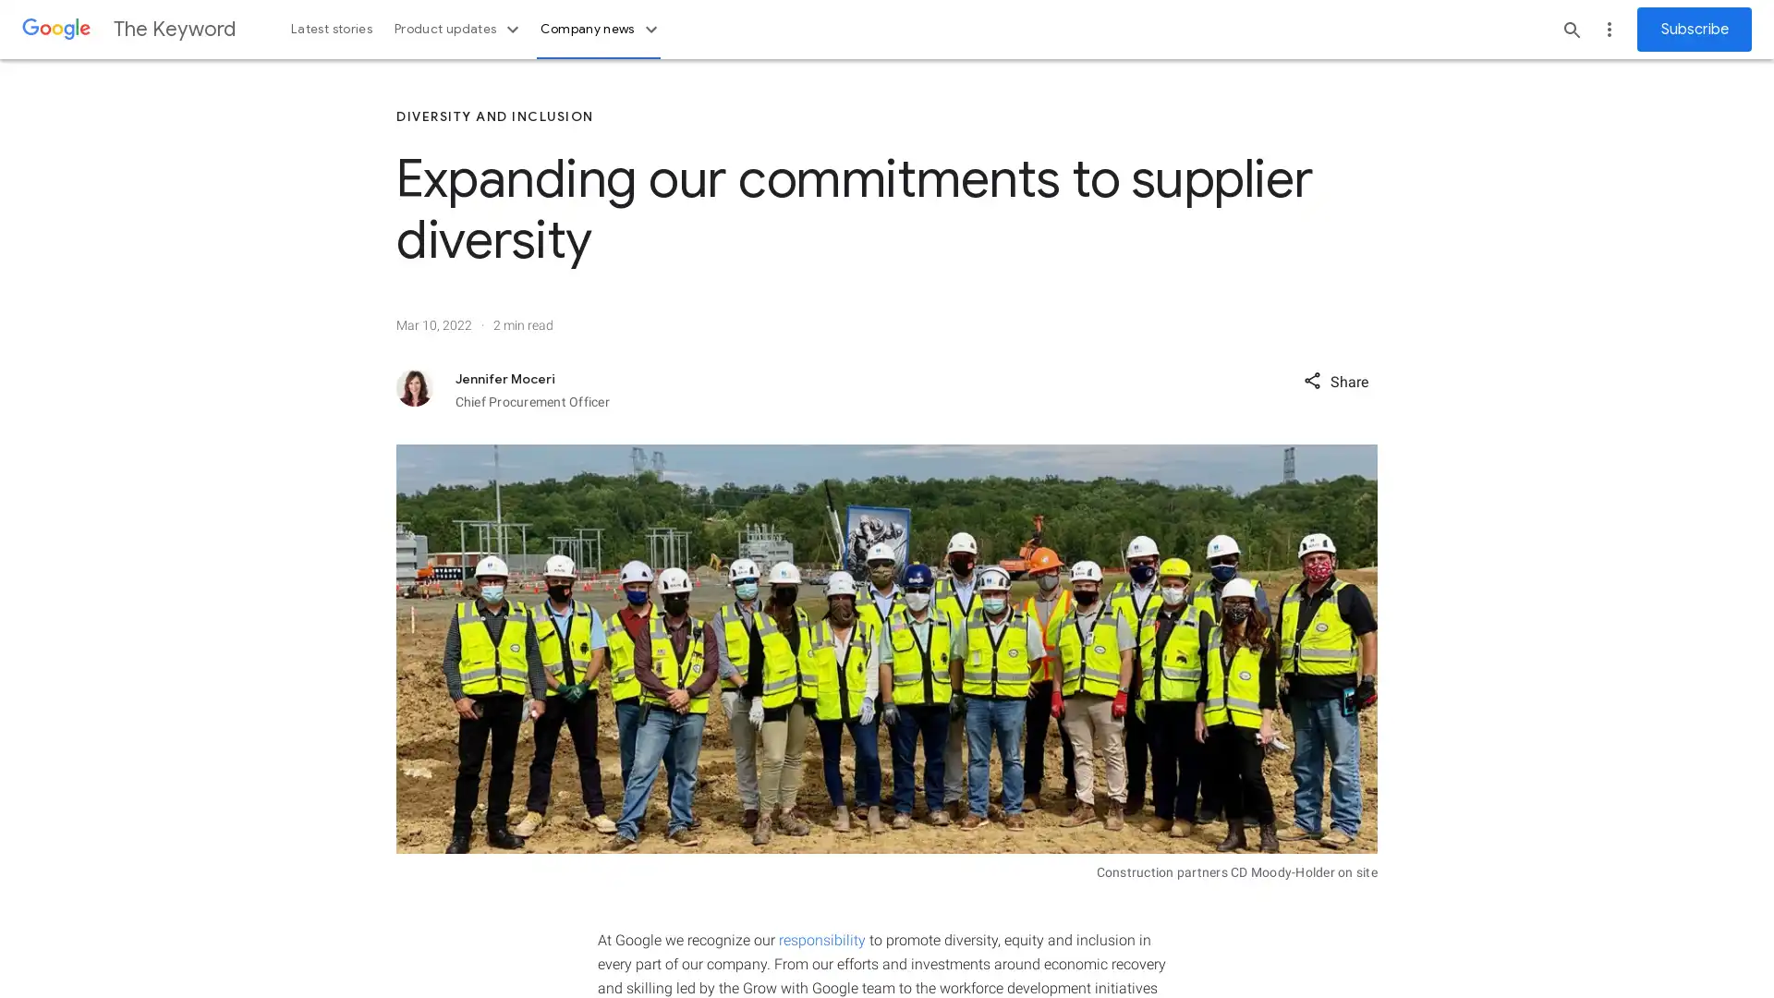  Describe the element at coordinates (1694, 29) in the screenshot. I see `Newsletter subscribe` at that location.